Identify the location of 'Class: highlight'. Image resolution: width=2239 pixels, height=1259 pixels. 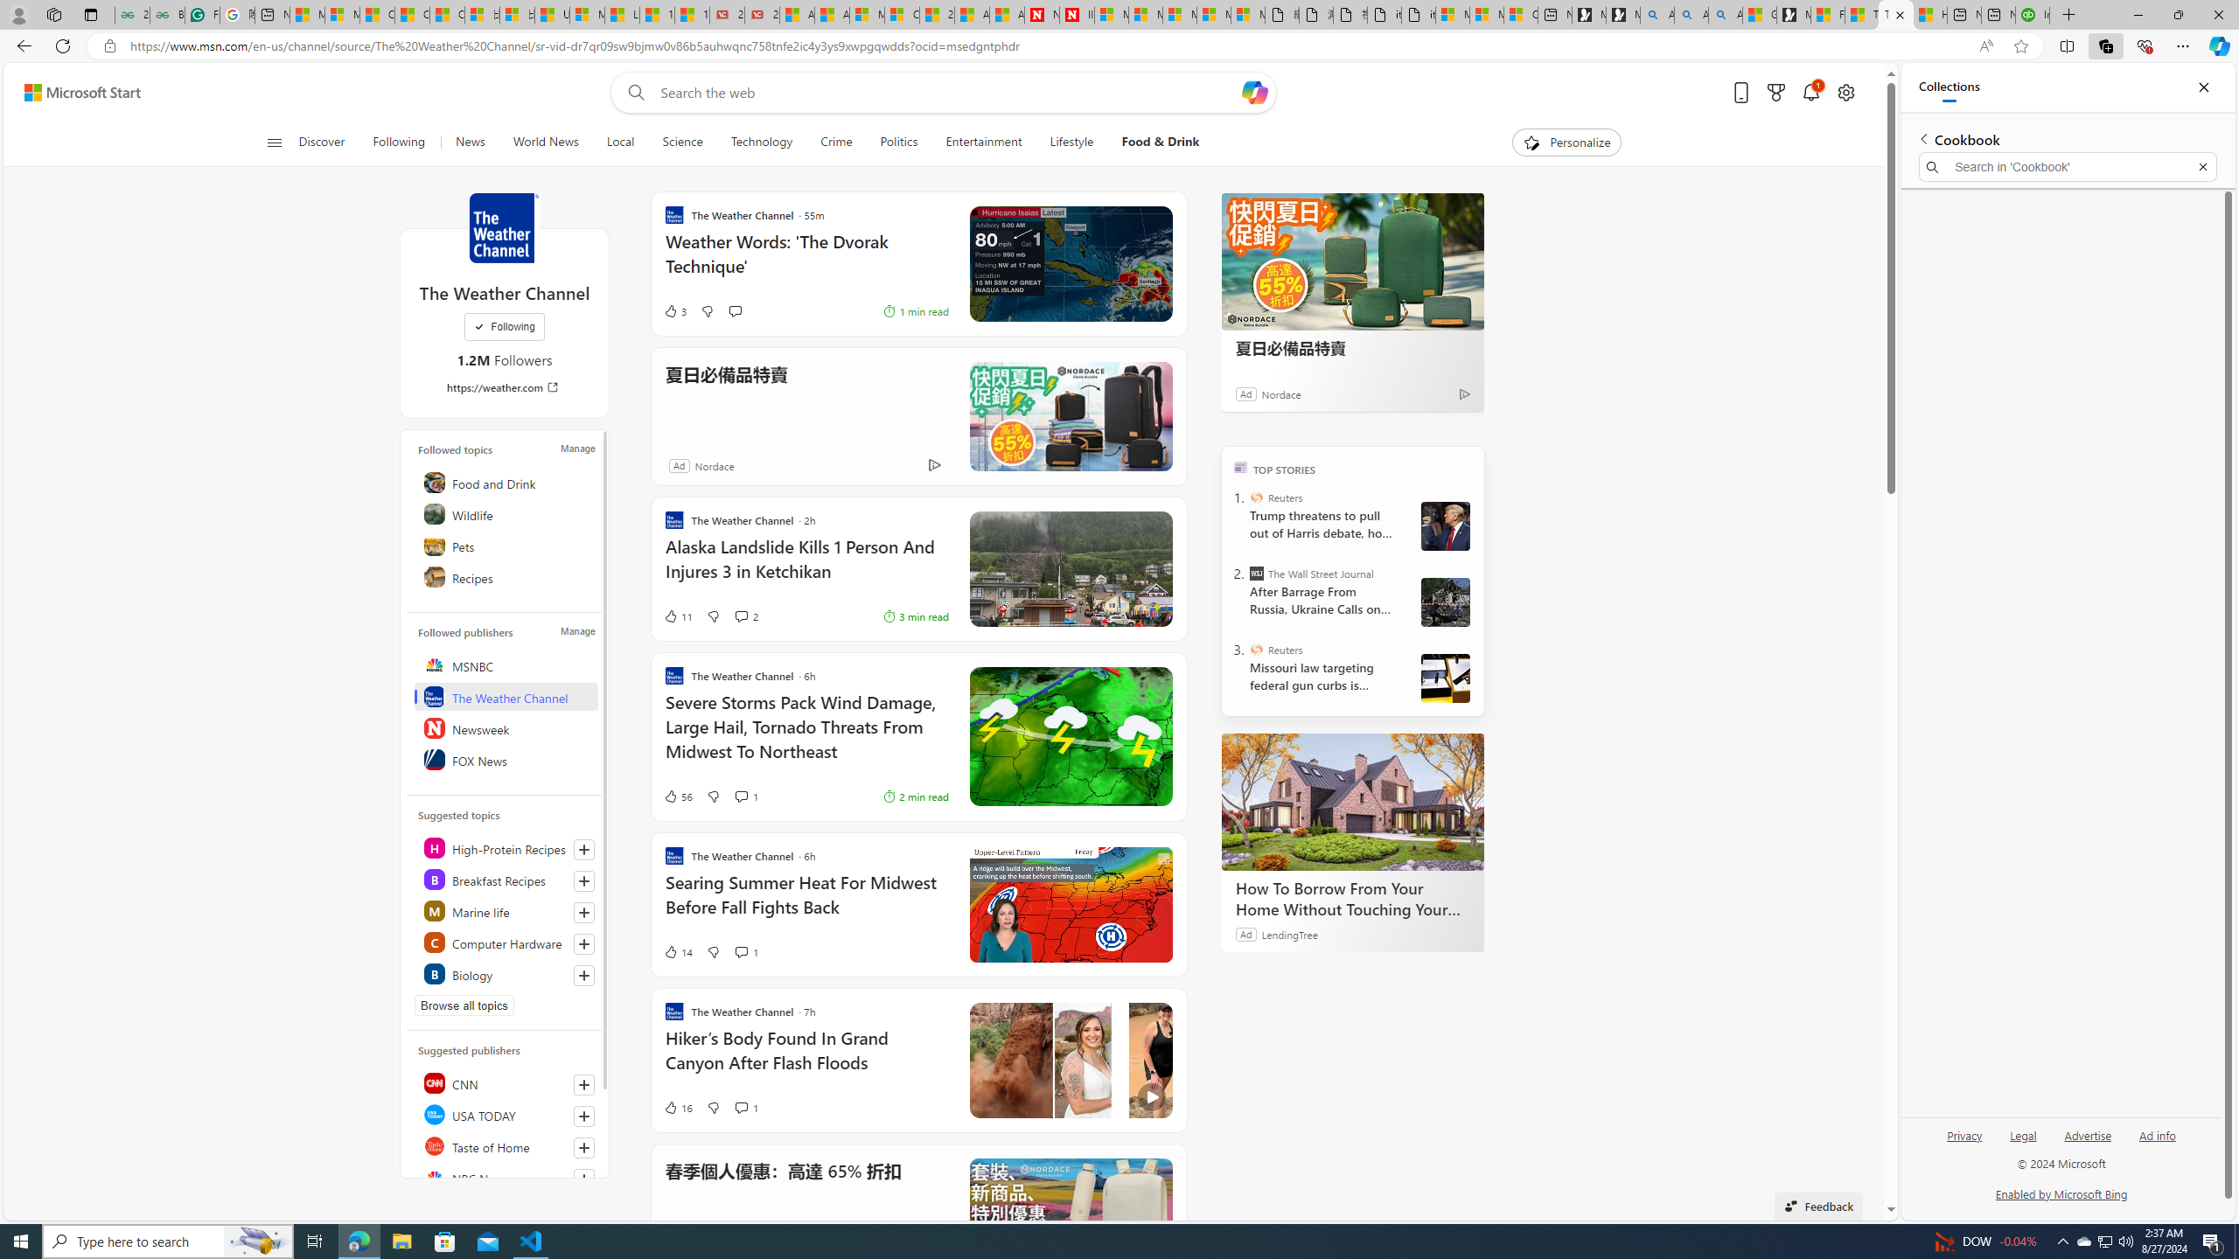
(506, 972).